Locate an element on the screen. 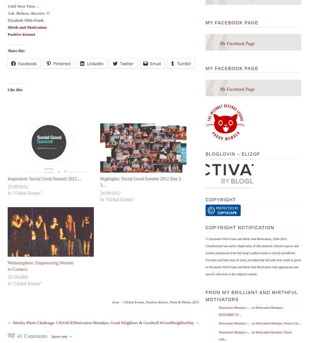 Image resolution: width=309 pixels, height=343 pixels. 'Motivation Mondays: Peace with…' is located at coordinates (255, 336).